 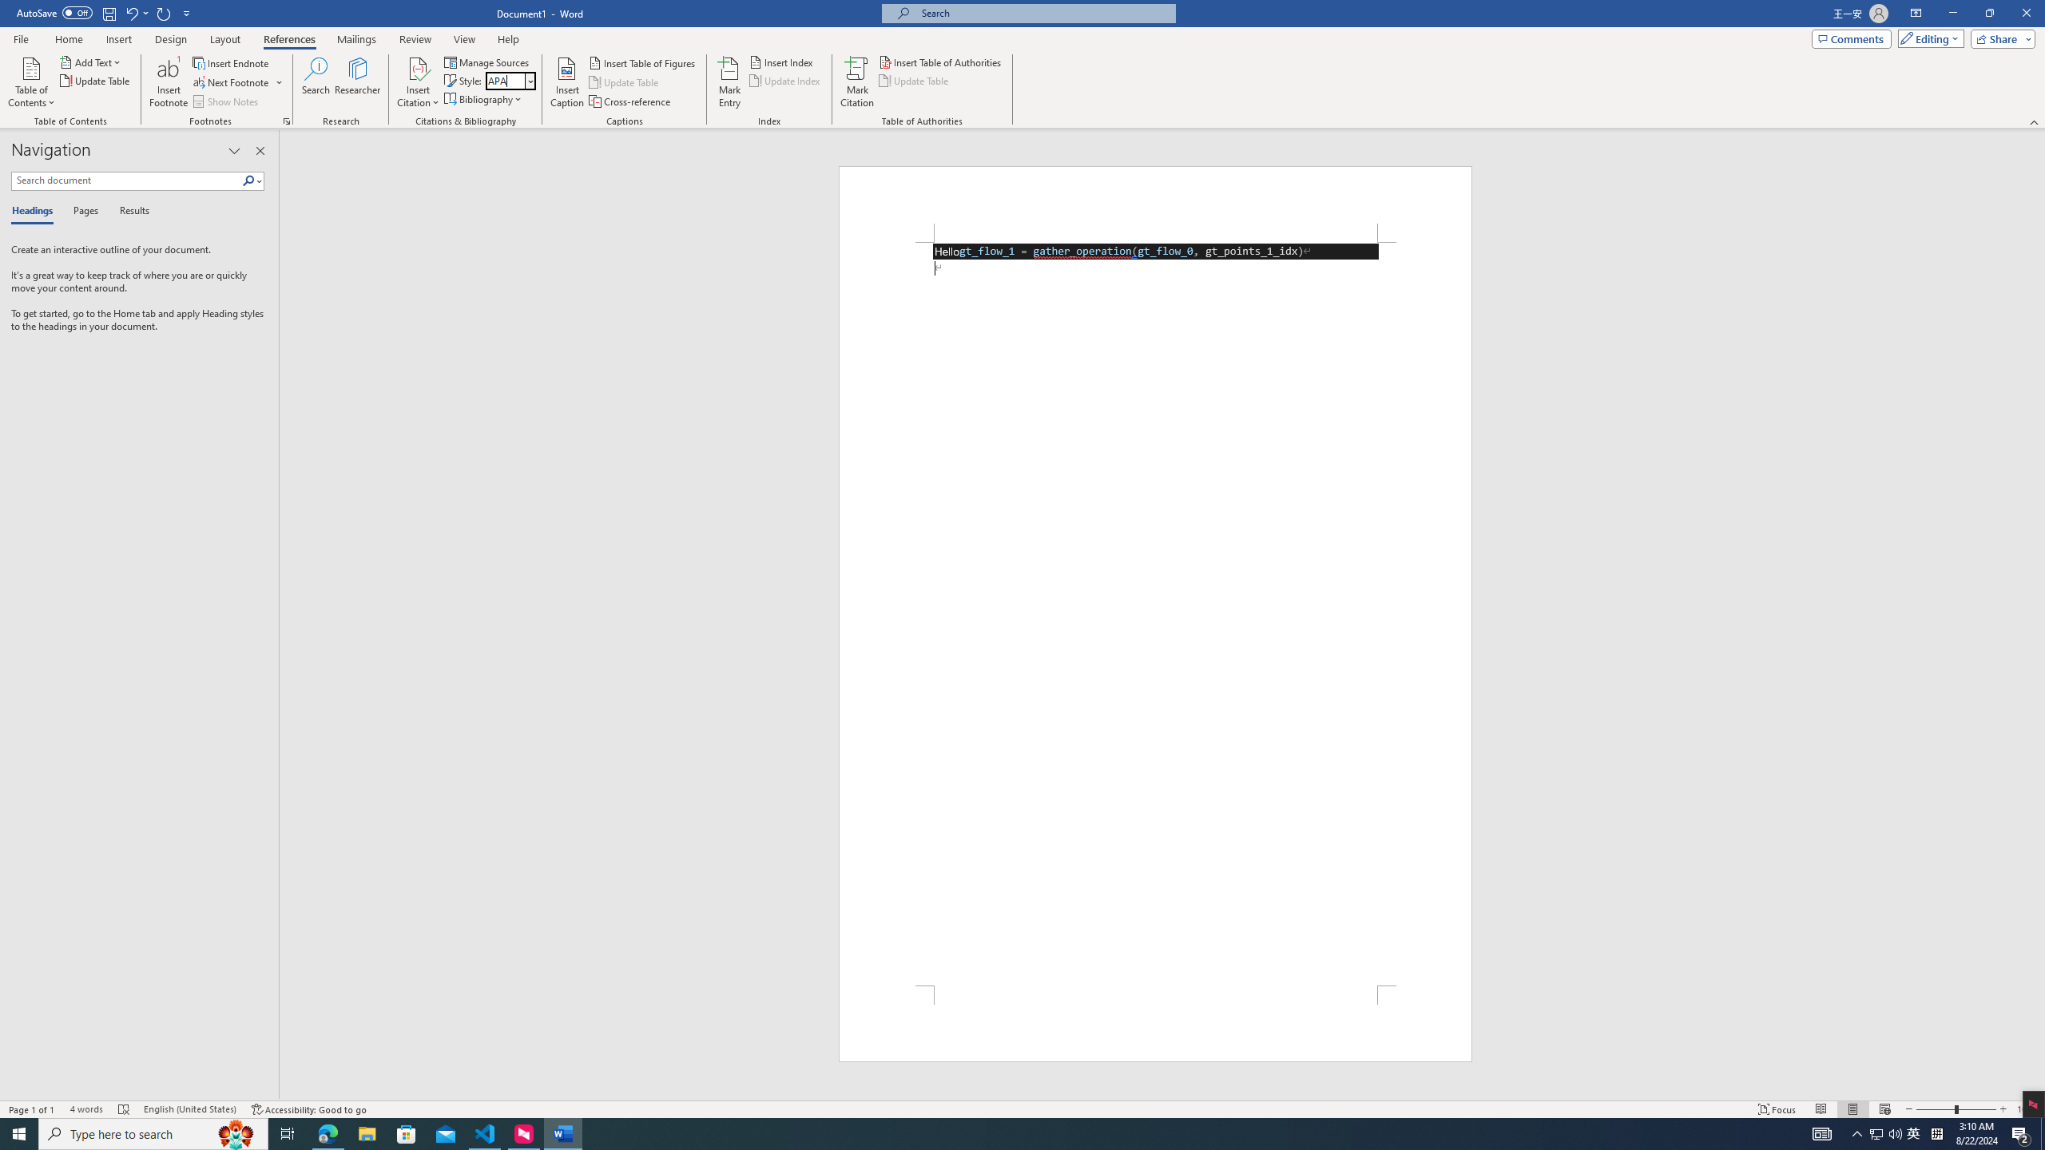 What do you see at coordinates (126, 180) in the screenshot?
I see `'Search document'` at bounding box center [126, 180].